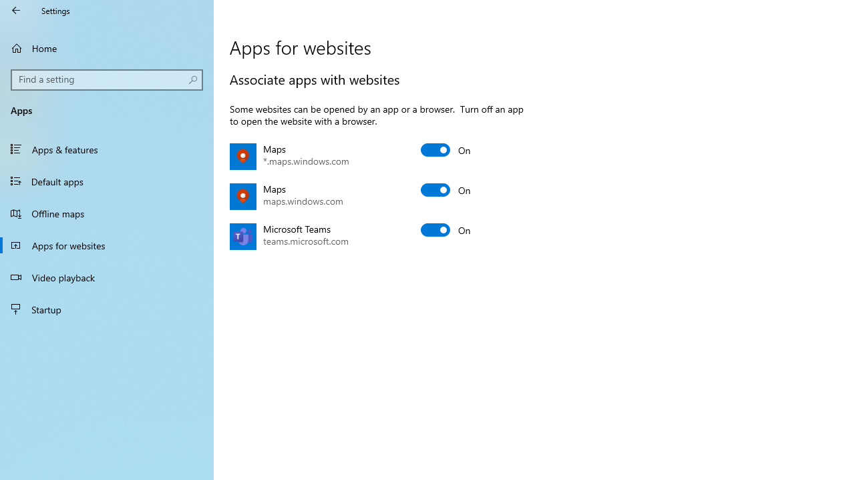 The image size is (855, 480). Describe the element at coordinates (107, 79) in the screenshot. I see `'Search box, Find a setting'` at that location.